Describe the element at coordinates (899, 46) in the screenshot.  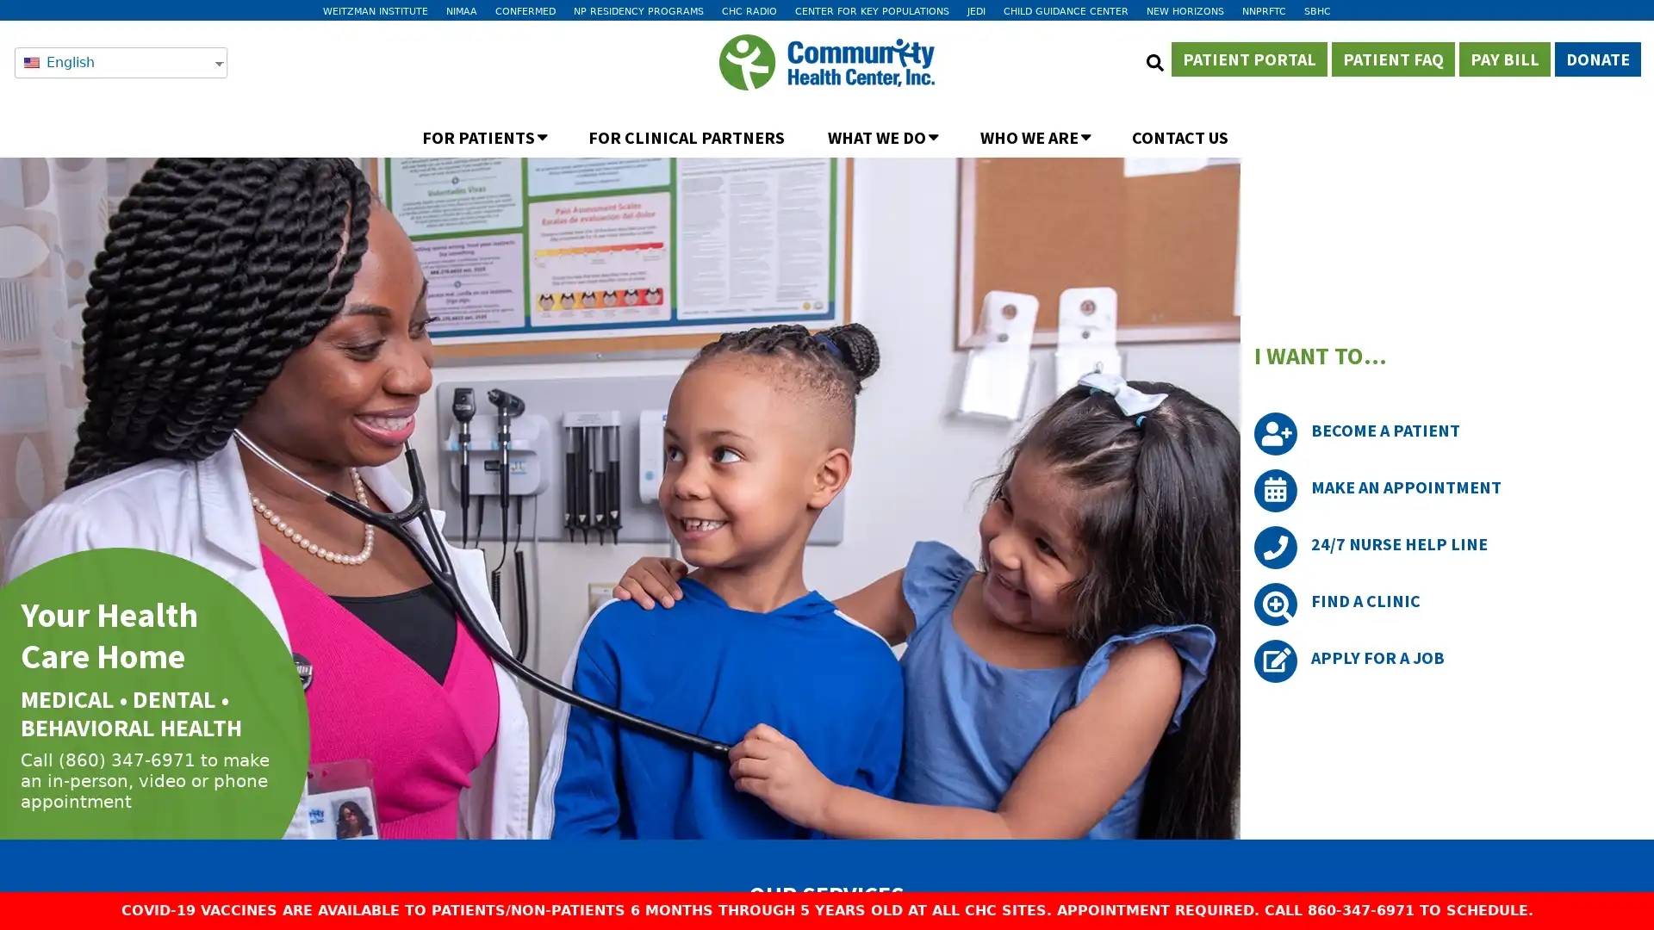
I see `Ignore` at that location.